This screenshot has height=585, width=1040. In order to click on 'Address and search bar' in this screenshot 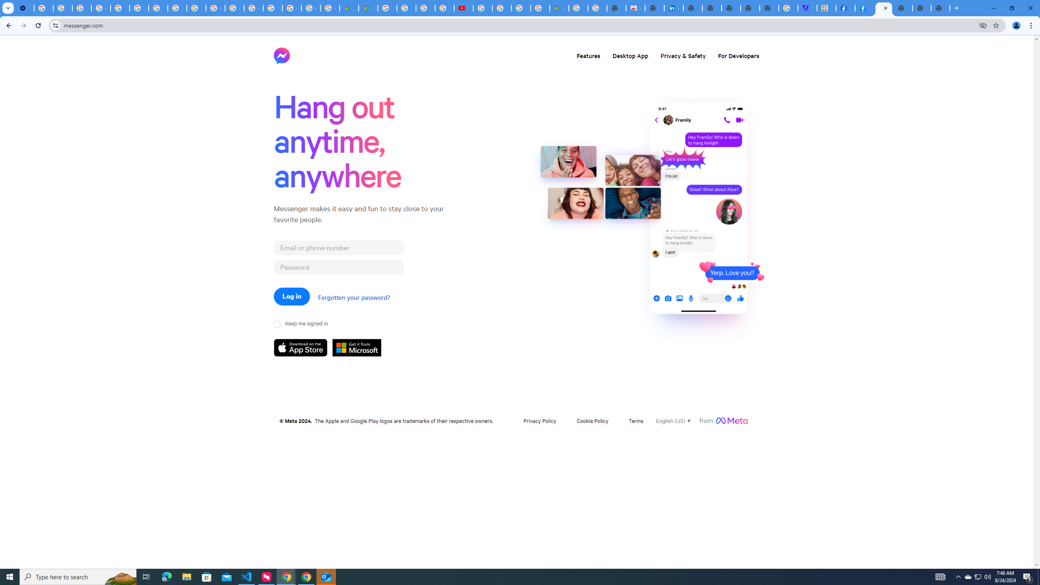, I will do `click(519, 25)`.